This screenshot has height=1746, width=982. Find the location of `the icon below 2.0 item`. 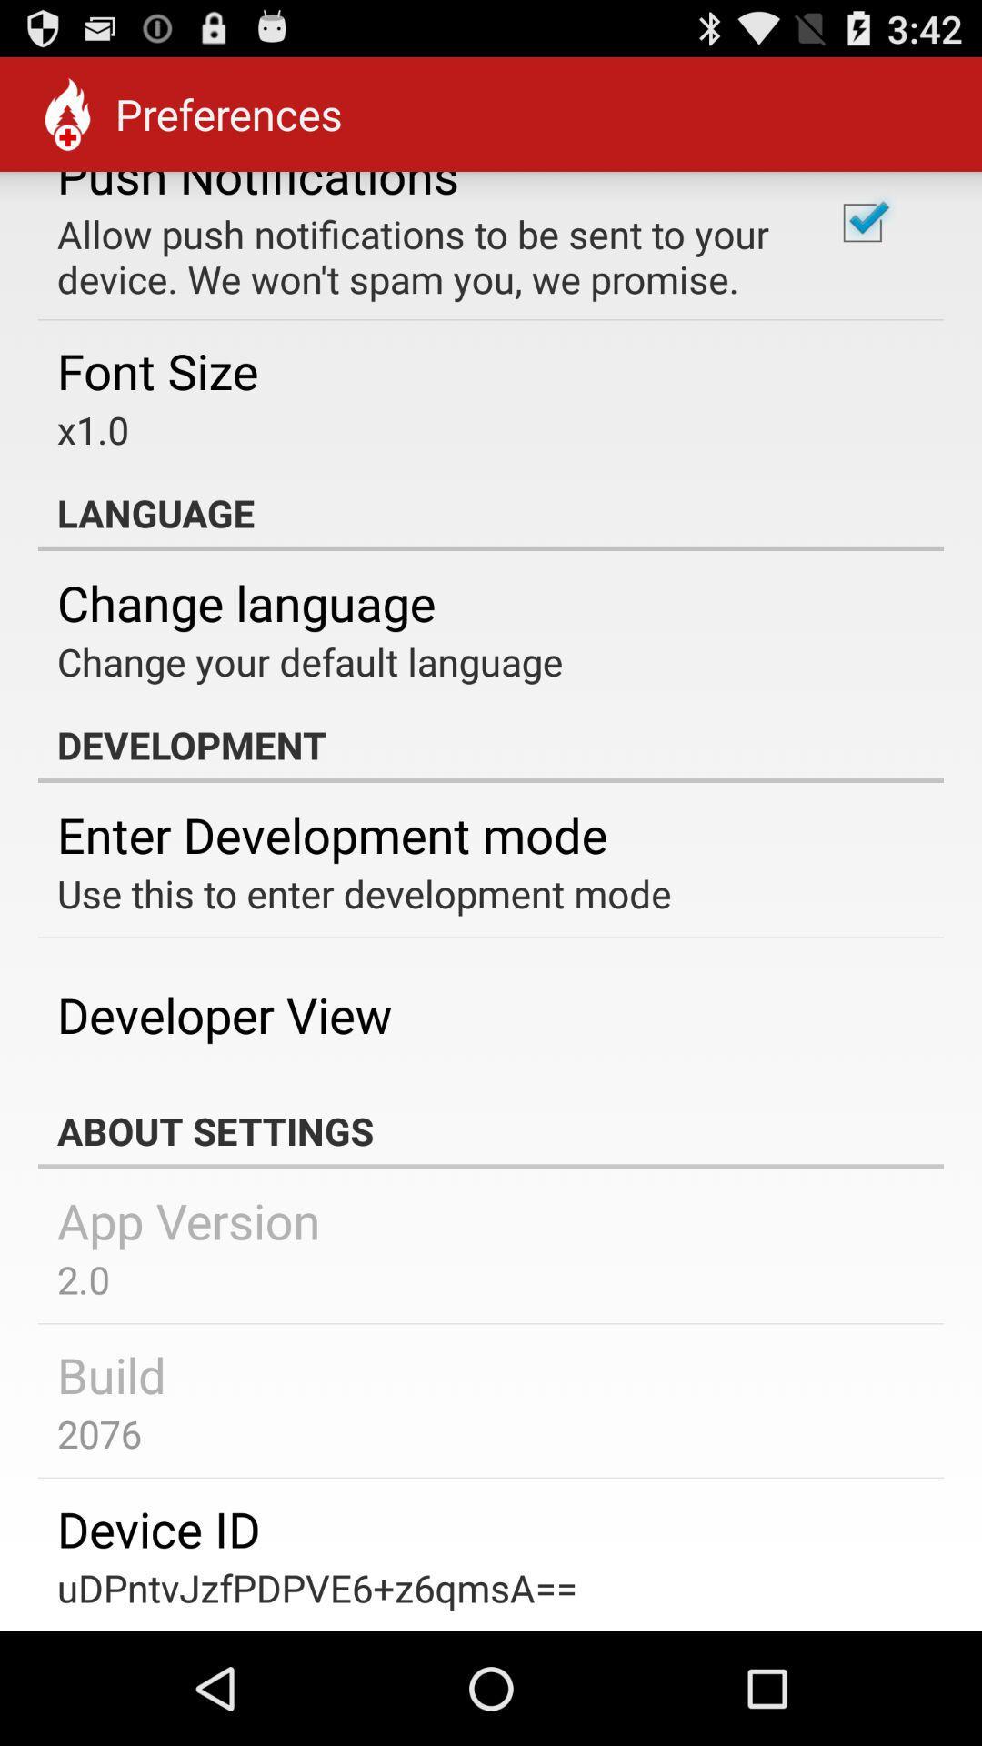

the icon below 2.0 item is located at coordinates (112, 1374).